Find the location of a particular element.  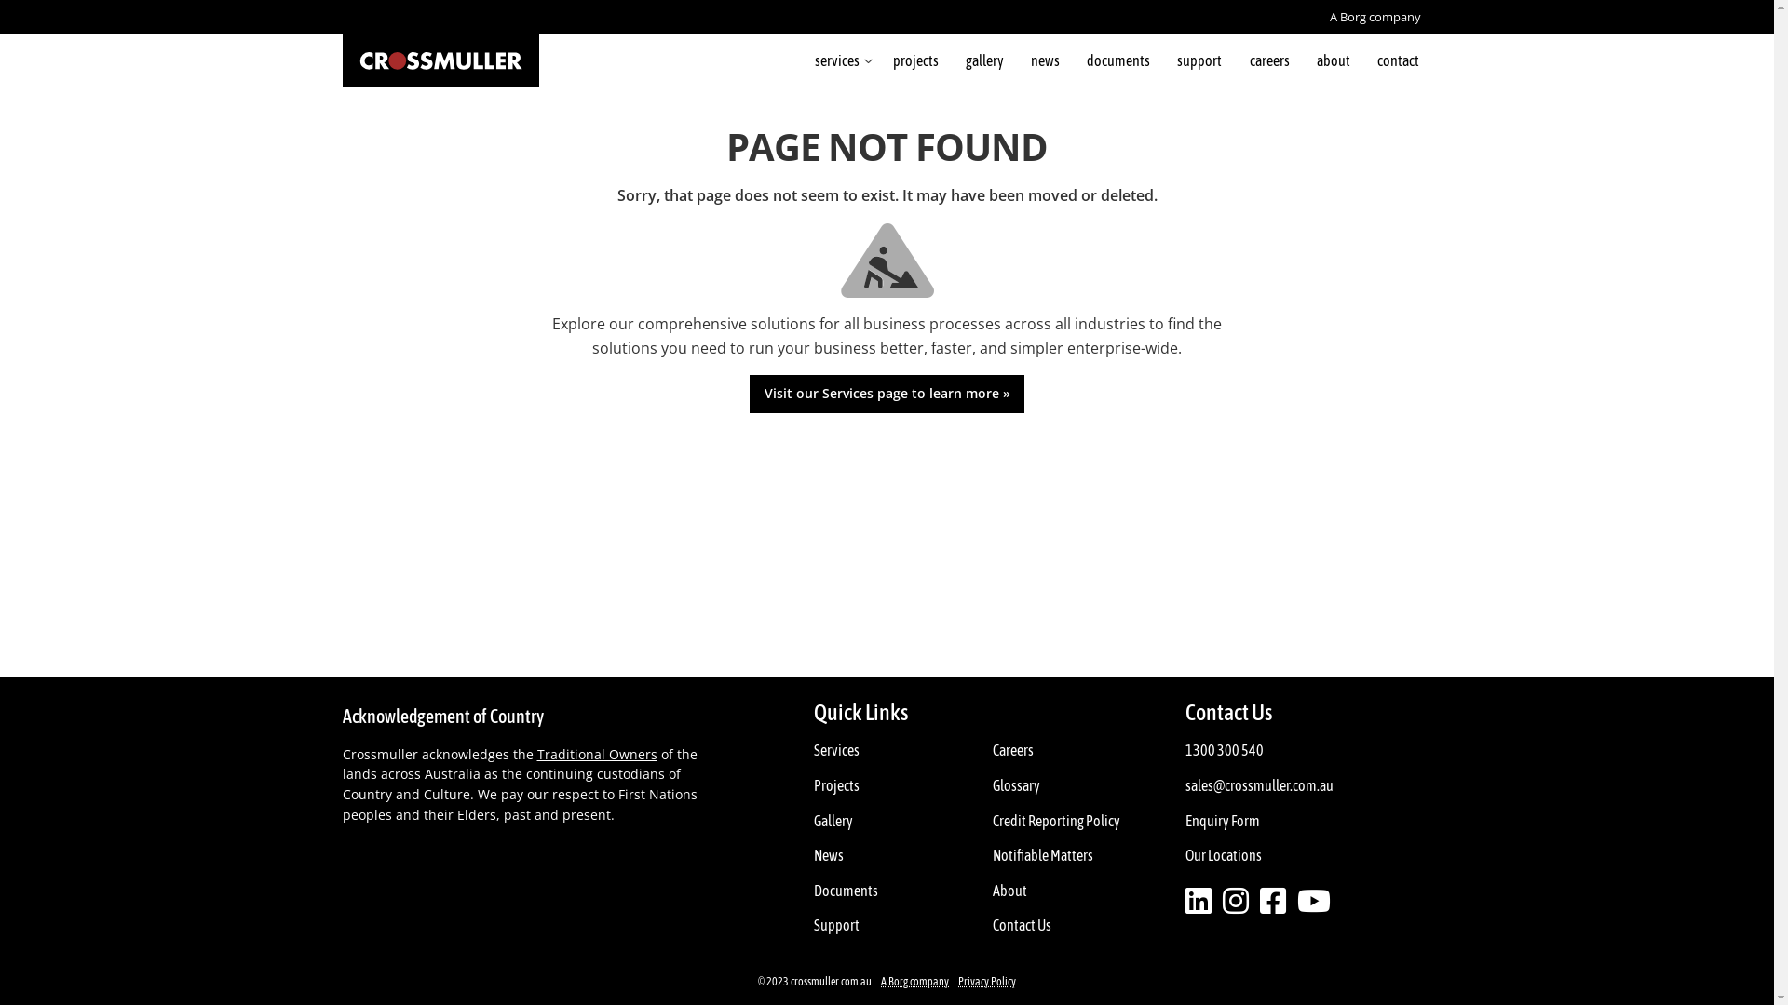

'Support' is located at coordinates (835, 926).